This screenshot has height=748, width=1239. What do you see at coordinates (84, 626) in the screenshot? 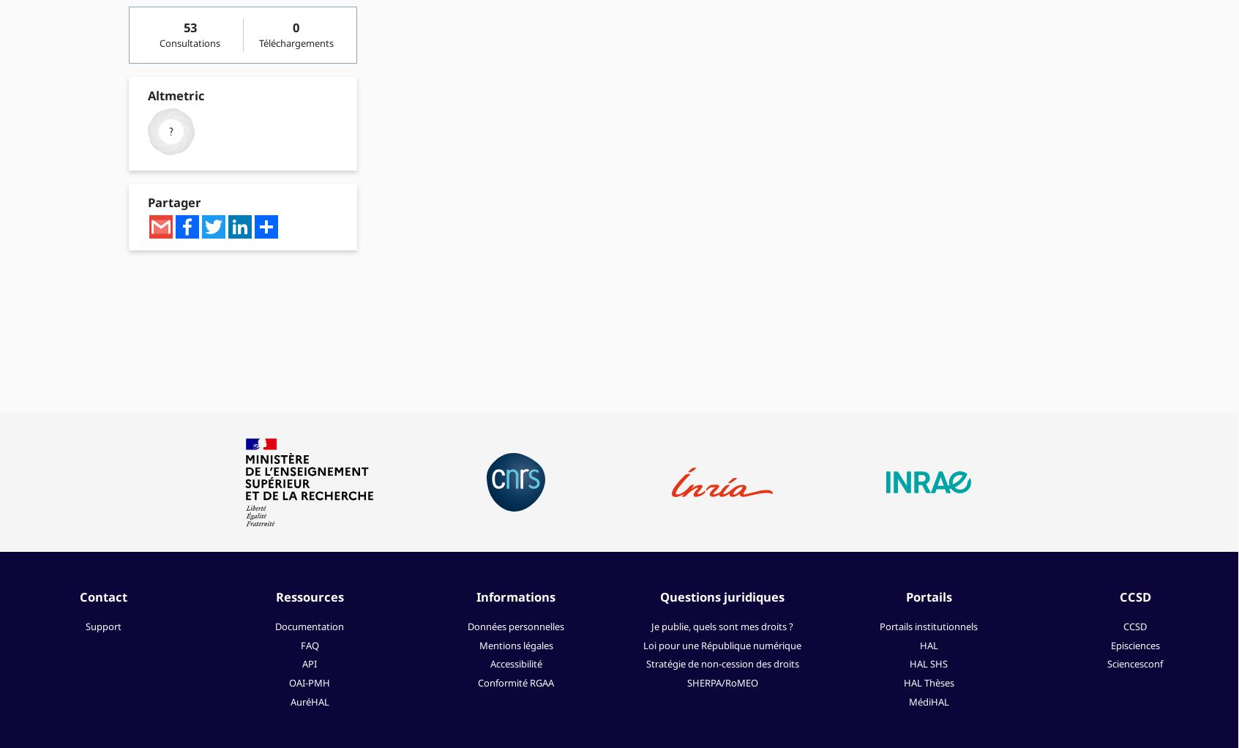
I see `'Support'` at bounding box center [84, 626].